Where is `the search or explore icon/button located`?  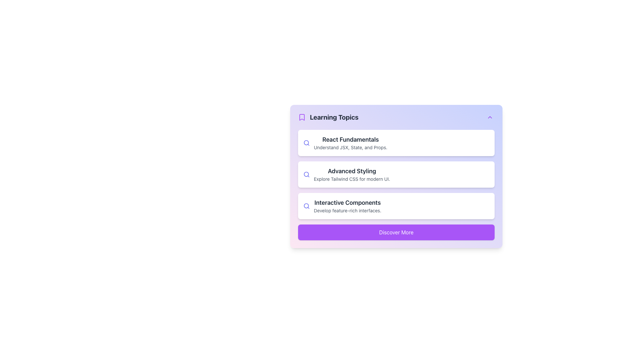 the search or explore icon/button located is located at coordinates (306, 143).